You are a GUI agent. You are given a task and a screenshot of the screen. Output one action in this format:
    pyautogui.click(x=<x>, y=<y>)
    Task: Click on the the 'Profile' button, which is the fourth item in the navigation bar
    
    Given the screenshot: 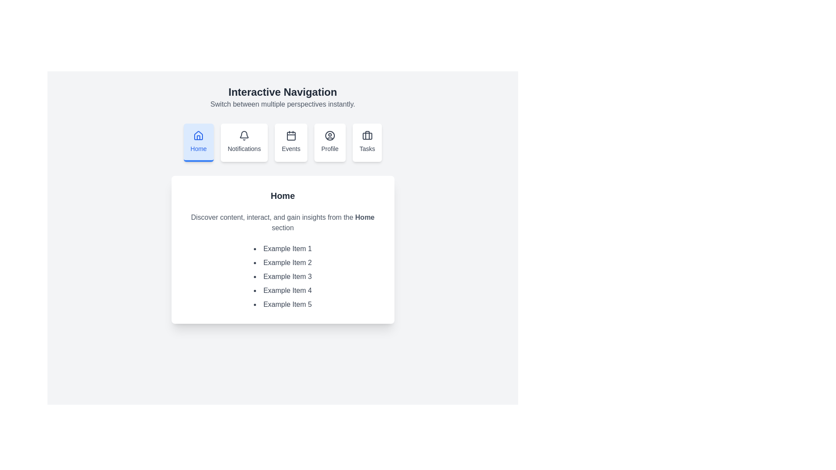 What is the action you would take?
    pyautogui.click(x=329, y=142)
    